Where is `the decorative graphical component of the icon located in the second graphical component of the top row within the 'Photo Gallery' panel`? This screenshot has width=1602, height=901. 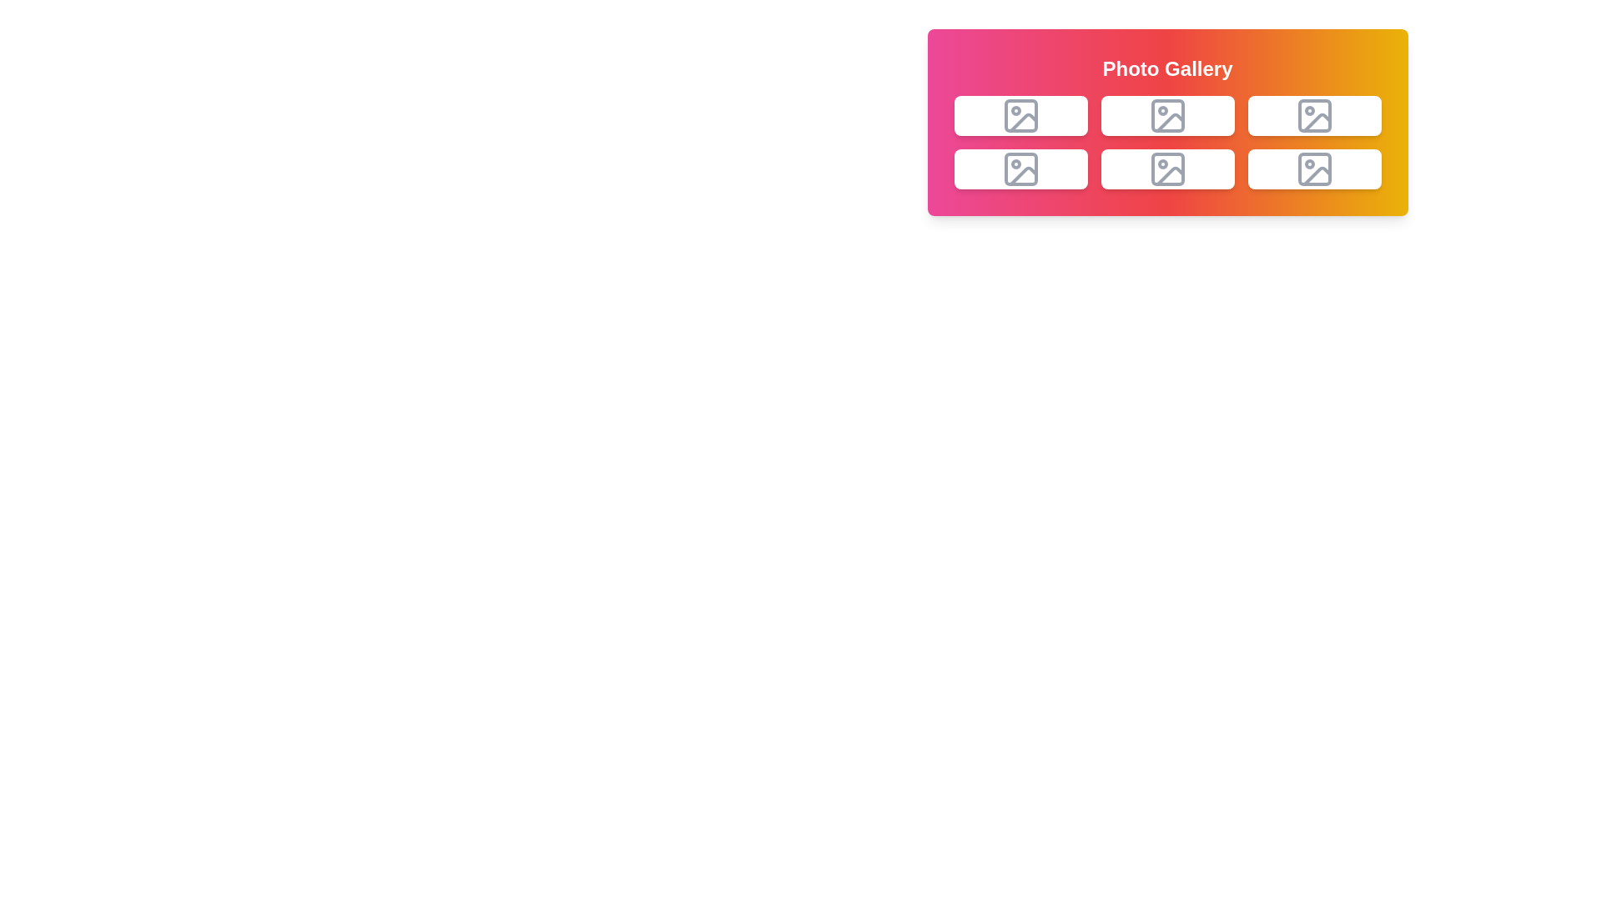
the decorative graphical component of the icon located in the second graphical component of the top row within the 'Photo Gallery' panel is located at coordinates (1169, 122).